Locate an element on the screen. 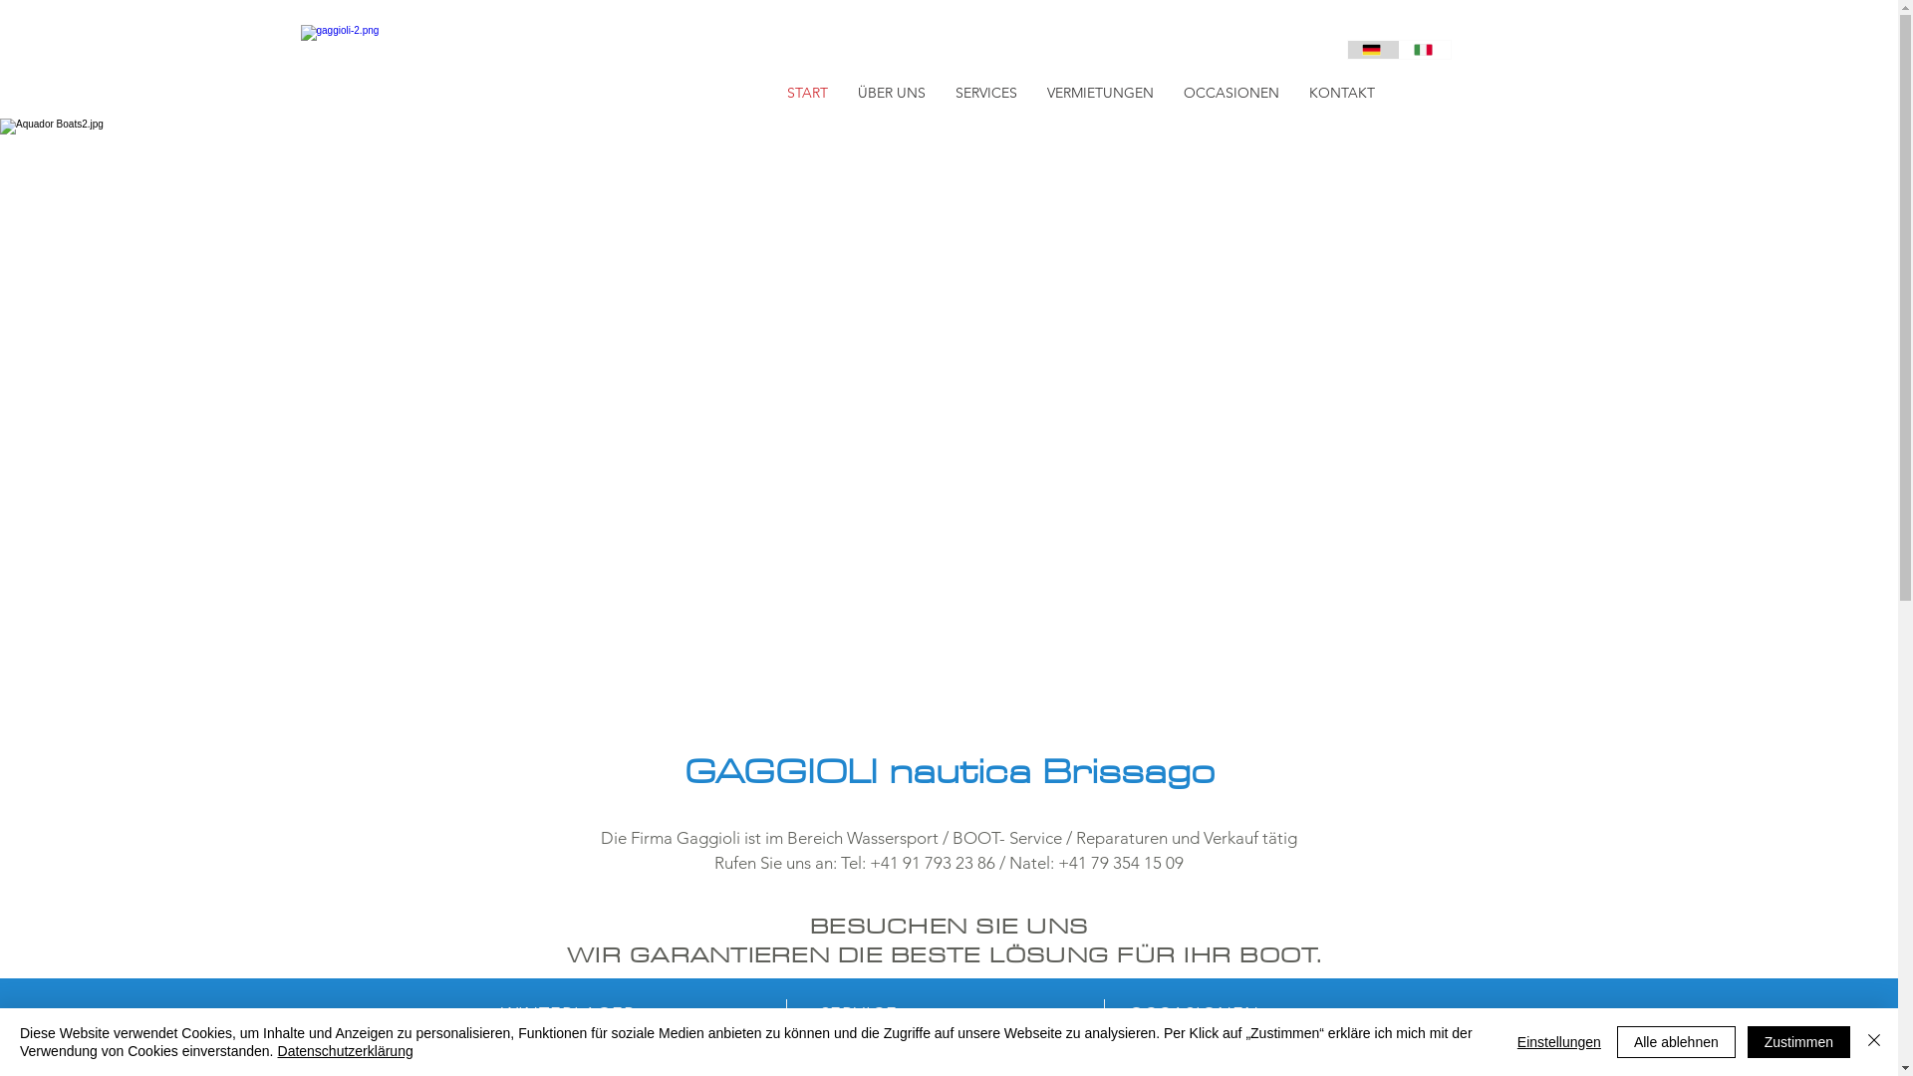 This screenshot has width=1913, height=1076. 'WINTERLAGER' is located at coordinates (500, 1014).